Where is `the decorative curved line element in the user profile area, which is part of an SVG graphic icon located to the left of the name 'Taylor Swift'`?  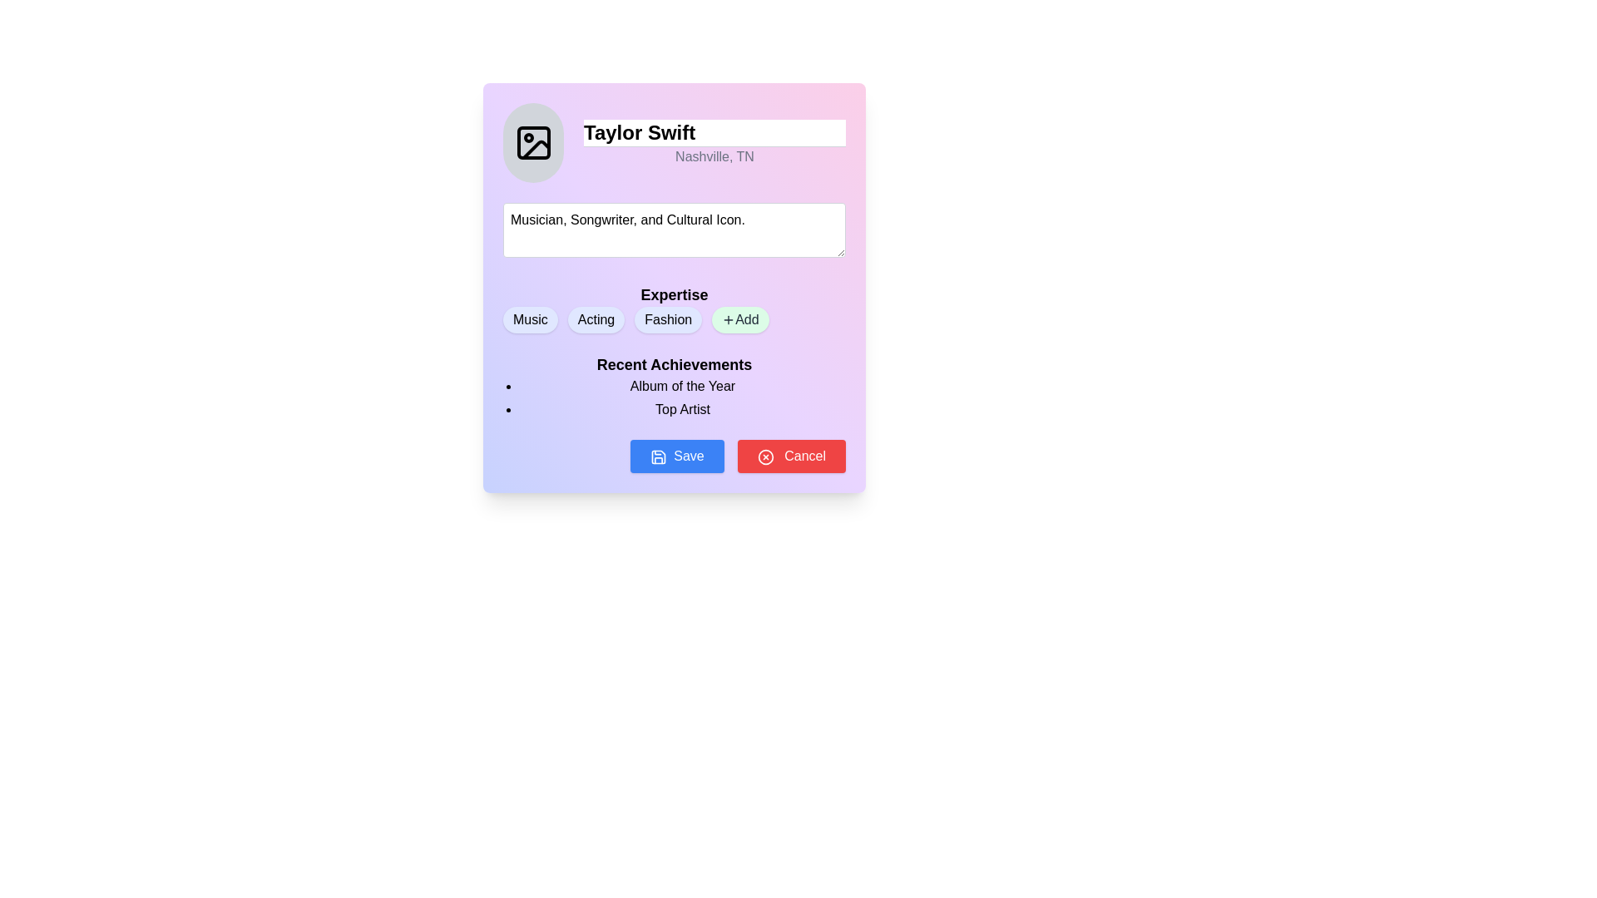
the decorative curved line element in the user profile area, which is part of an SVG graphic icon located to the left of the name 'Taylor Swift' is located at coordinates (536, 150).